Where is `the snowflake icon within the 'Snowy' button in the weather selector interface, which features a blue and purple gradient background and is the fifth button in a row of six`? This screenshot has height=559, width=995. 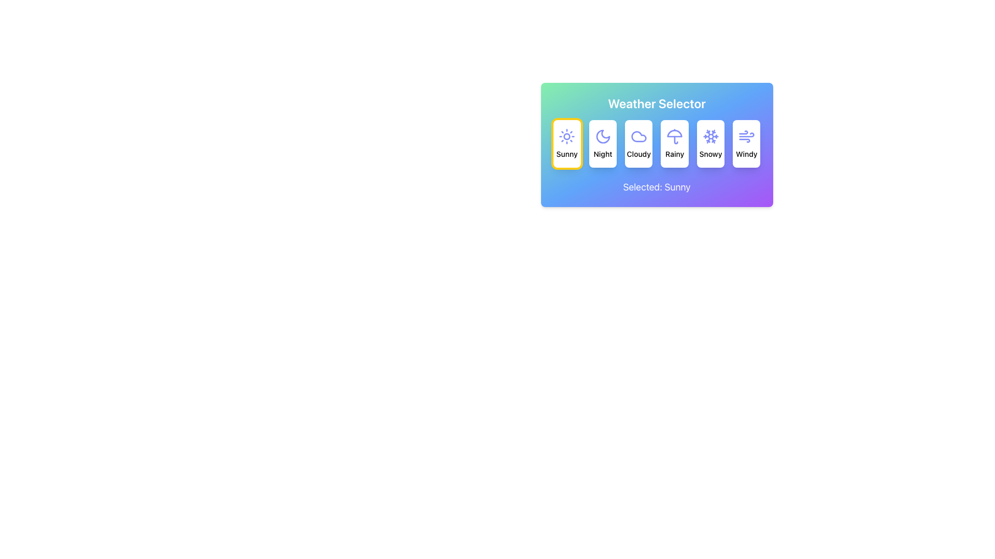 the snowflake icon within the 'Snowy' button in the weather selector interface, which features a blue and purple gradient background and is the fifth button in a row of six is located at coordinates (713, 133).